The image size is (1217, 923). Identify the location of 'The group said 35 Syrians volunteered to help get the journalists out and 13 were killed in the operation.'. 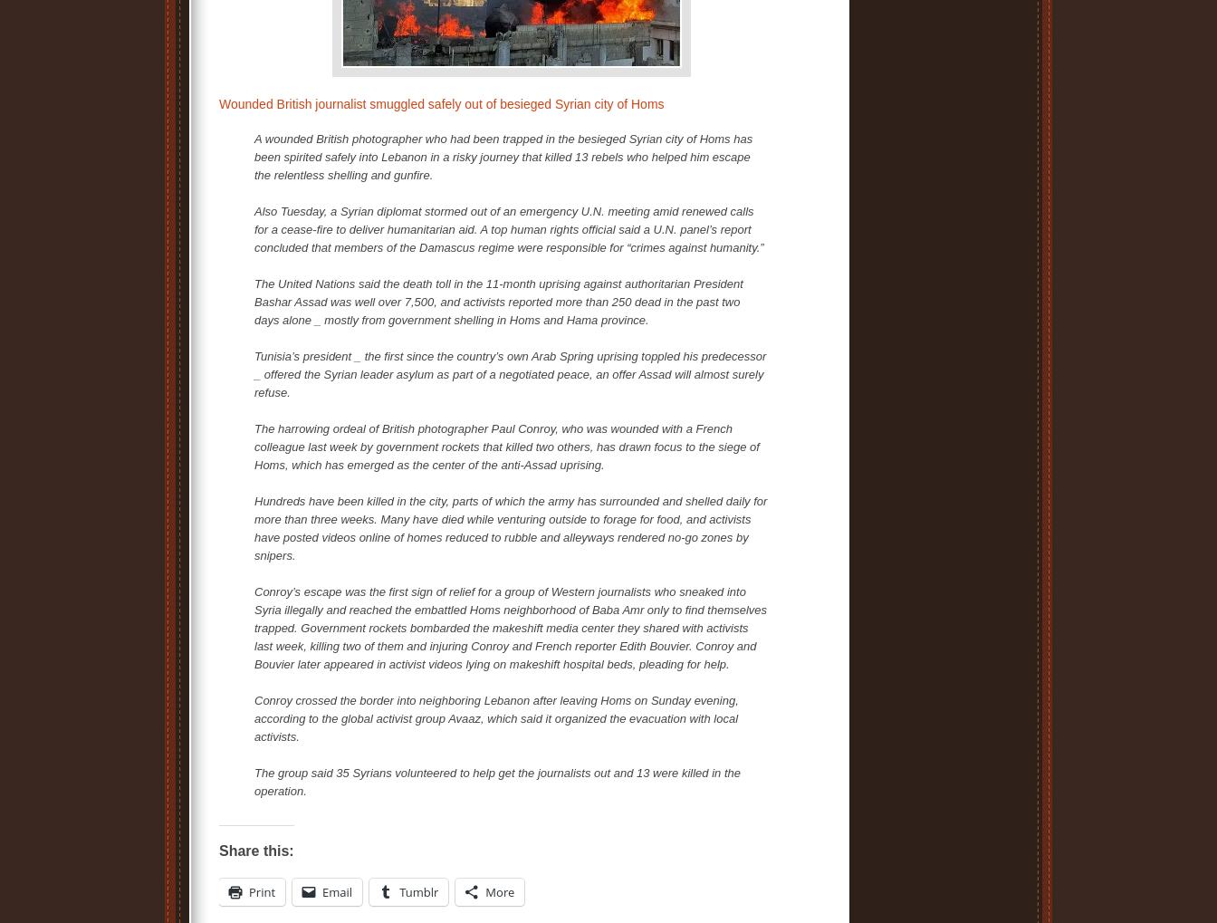
(497, 781).